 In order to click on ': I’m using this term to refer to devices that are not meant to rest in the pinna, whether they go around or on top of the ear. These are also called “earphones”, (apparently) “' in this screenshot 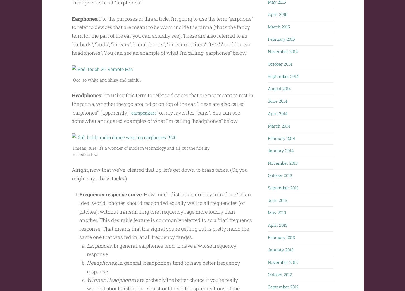, I will do `click(162, 114)`.